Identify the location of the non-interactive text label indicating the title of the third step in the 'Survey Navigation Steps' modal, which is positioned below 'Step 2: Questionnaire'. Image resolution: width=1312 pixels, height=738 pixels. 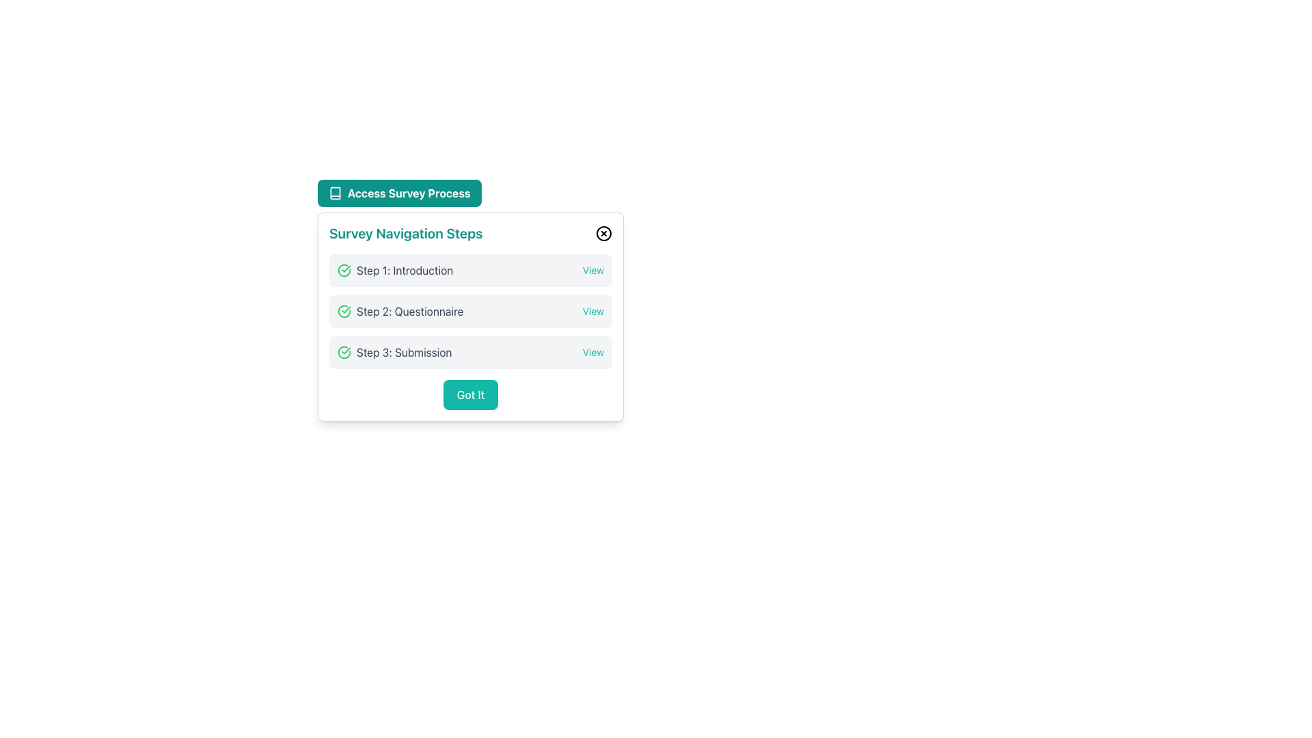
(403, 352).